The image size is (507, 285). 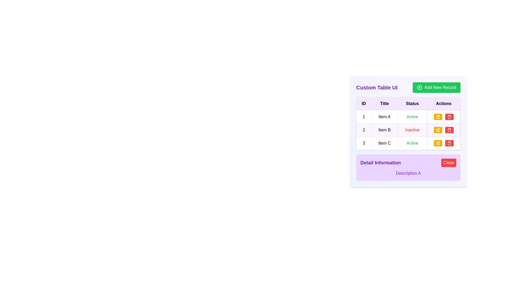 What do you see at coordinates (363, 116) in the screenshot?
I see `numeric value displayed in the first cell of the first row under the 'ID' column, which shows '1'` at bounding box center [363, 116].